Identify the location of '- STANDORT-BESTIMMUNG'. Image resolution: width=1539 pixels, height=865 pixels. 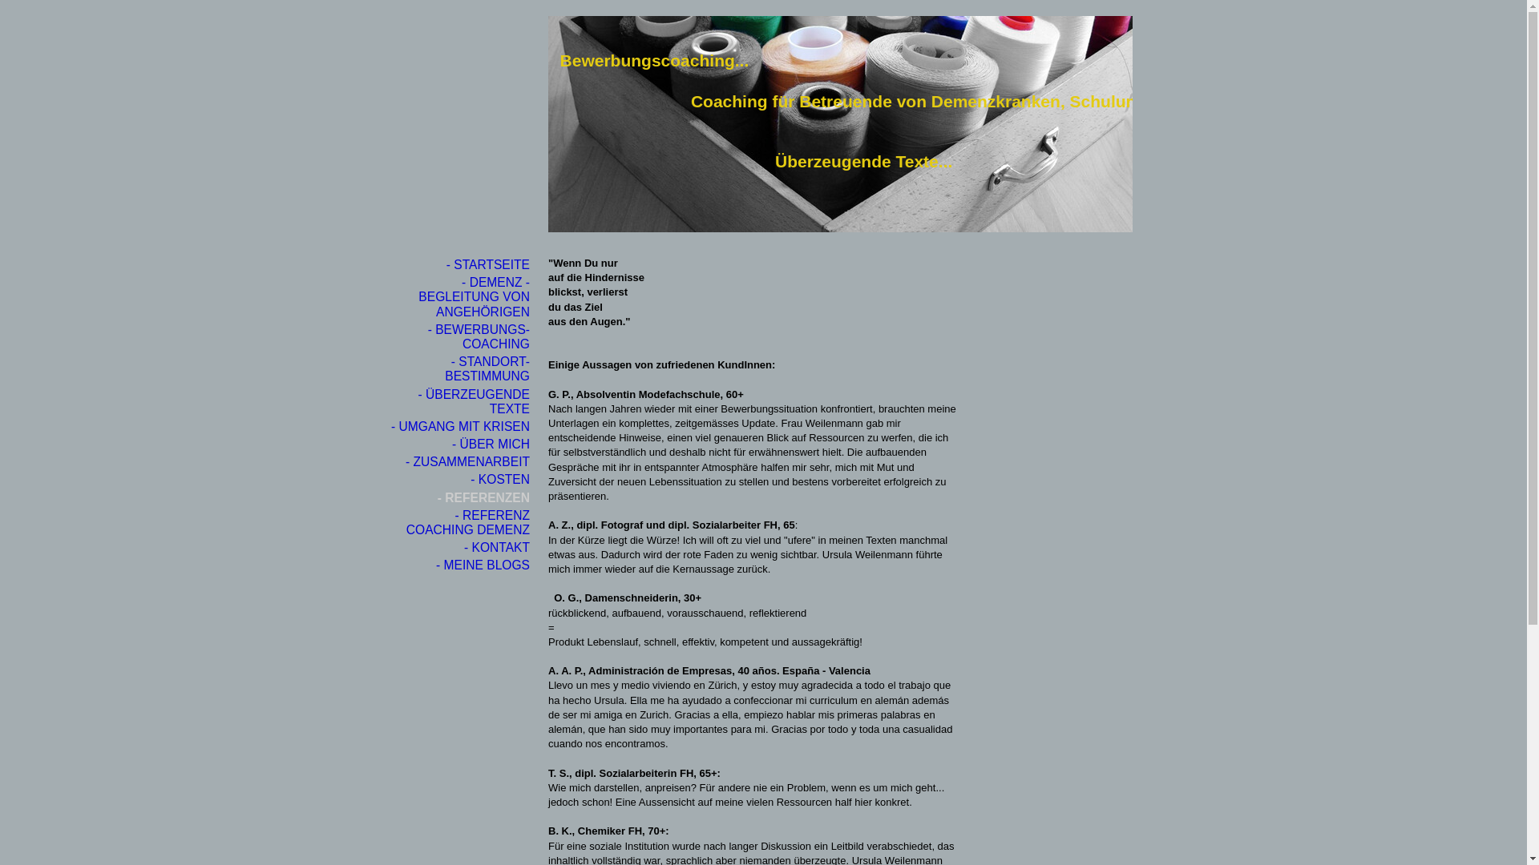
(460, 369).